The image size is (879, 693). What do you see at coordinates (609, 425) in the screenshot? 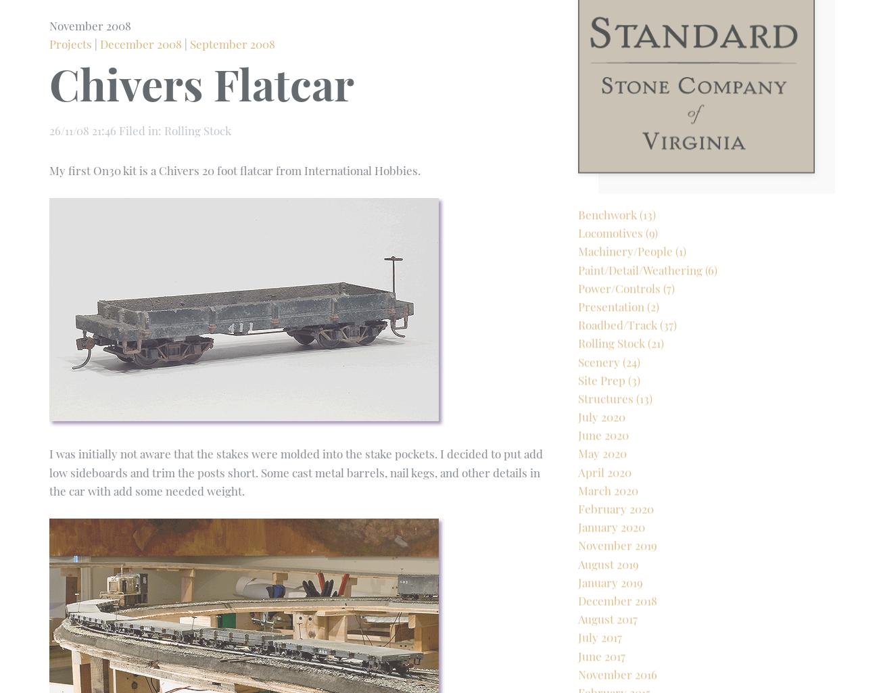
I see `'Site Prep (3)'` at bounding box center [609, 425].